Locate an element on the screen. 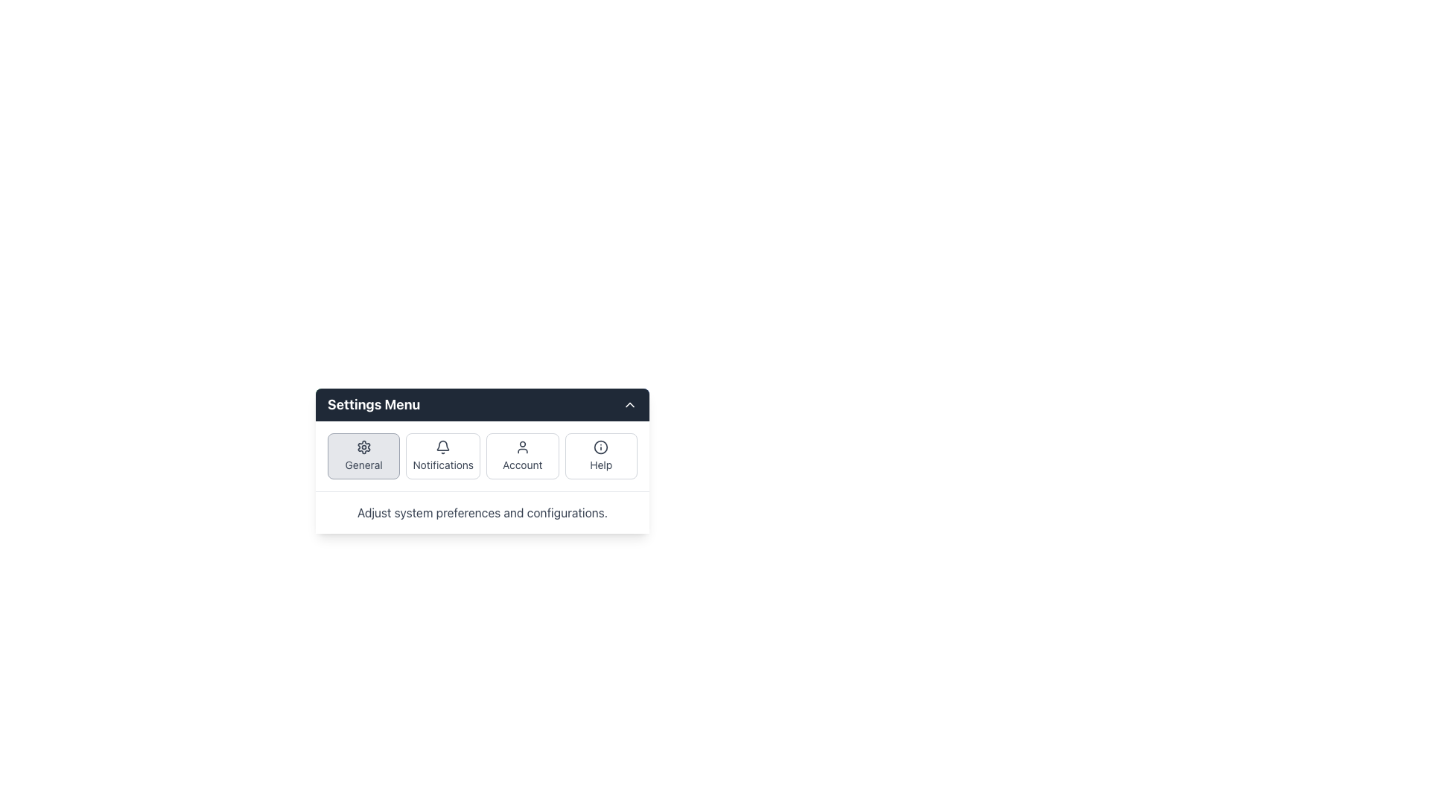 The height and width of the screenshot is (804, 1430). the collapse/expand button for the 'Settings Menu' is located at coordinates (629, 404).